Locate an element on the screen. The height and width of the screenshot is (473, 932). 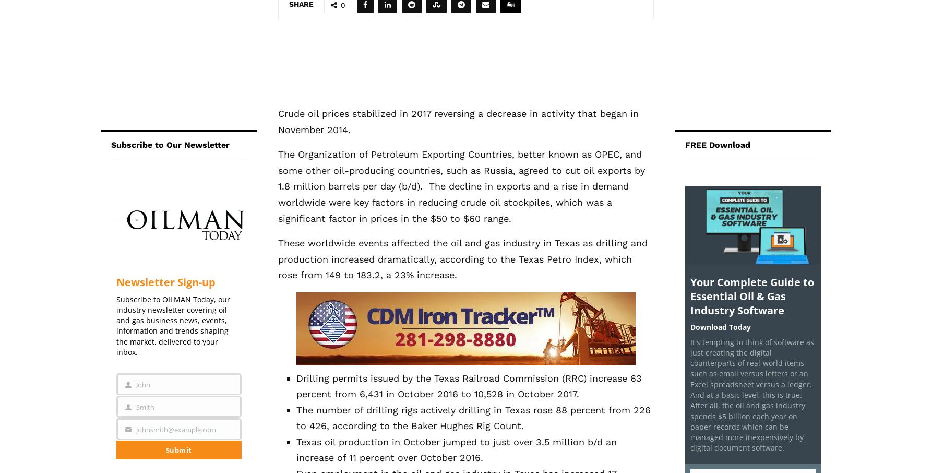
'The number of drilling rigs actively drilling in Texas rose 88 percent from 226 to 426, according to the Baker Hughes Rig Count.' is located at coordinates (473, 417).